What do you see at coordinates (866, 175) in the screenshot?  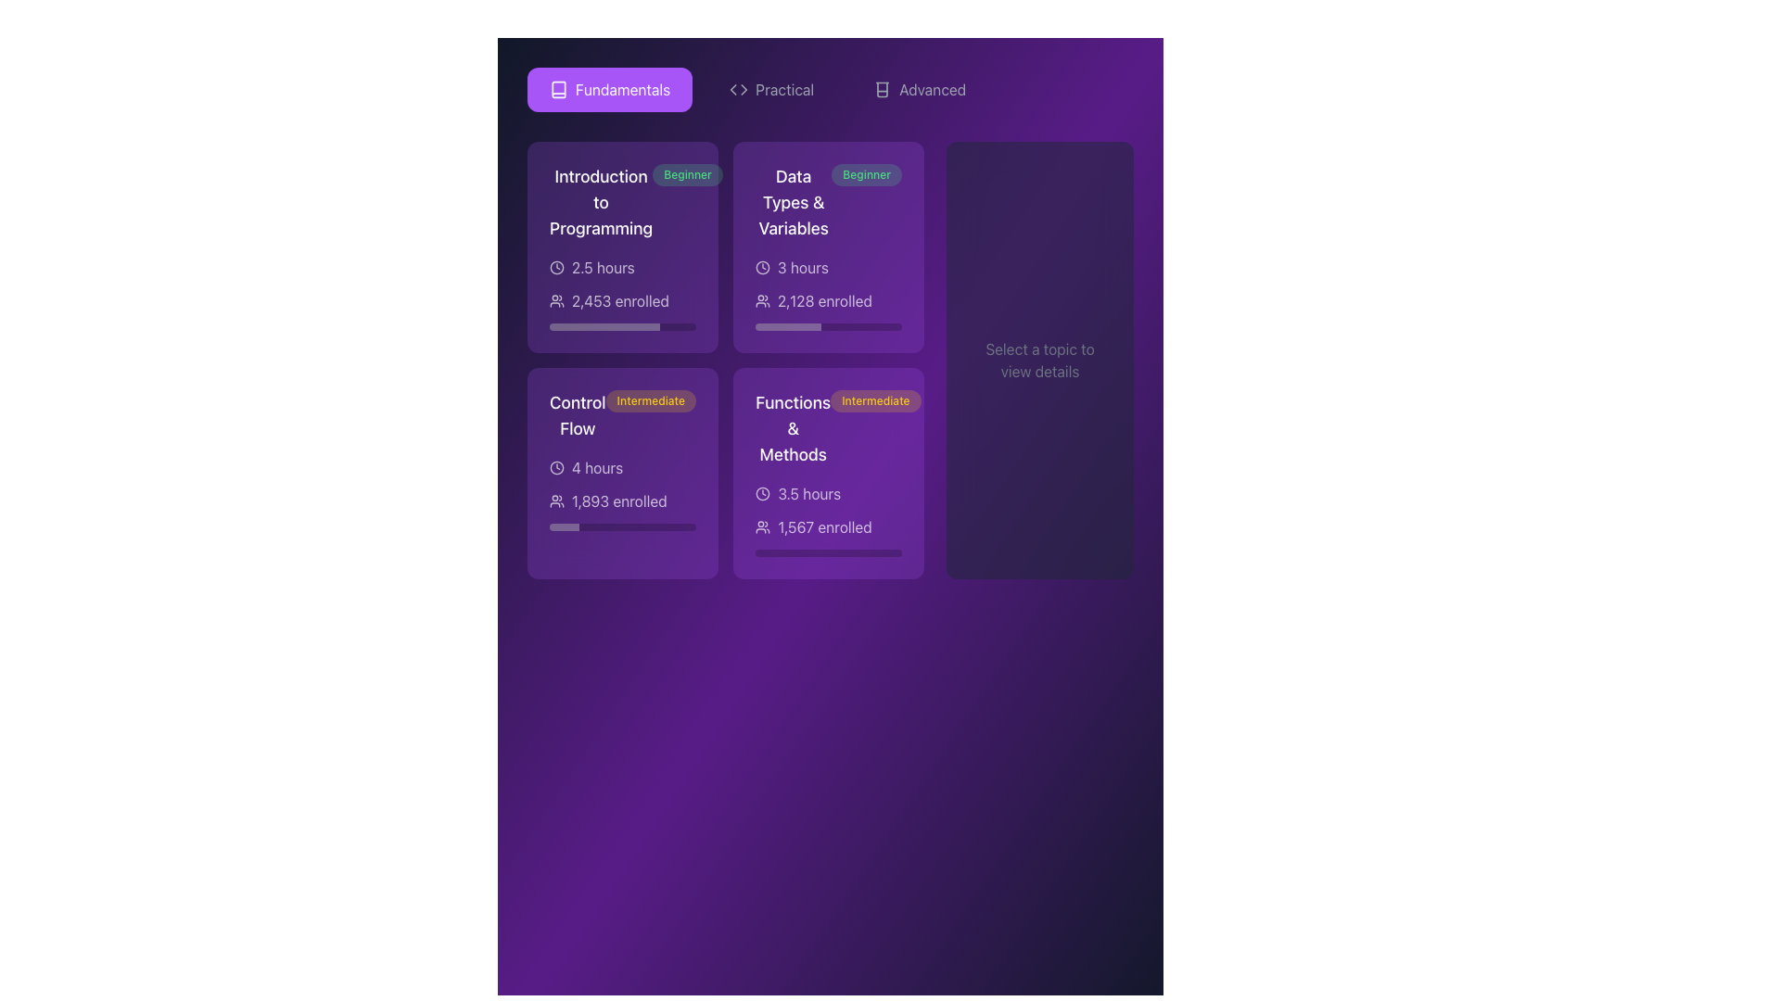 I see `the 'Beginner' difficulty badge located to the right of the 'Data Types & Variables' heading in the fixed layout panel` at bounding box center [866, 175].